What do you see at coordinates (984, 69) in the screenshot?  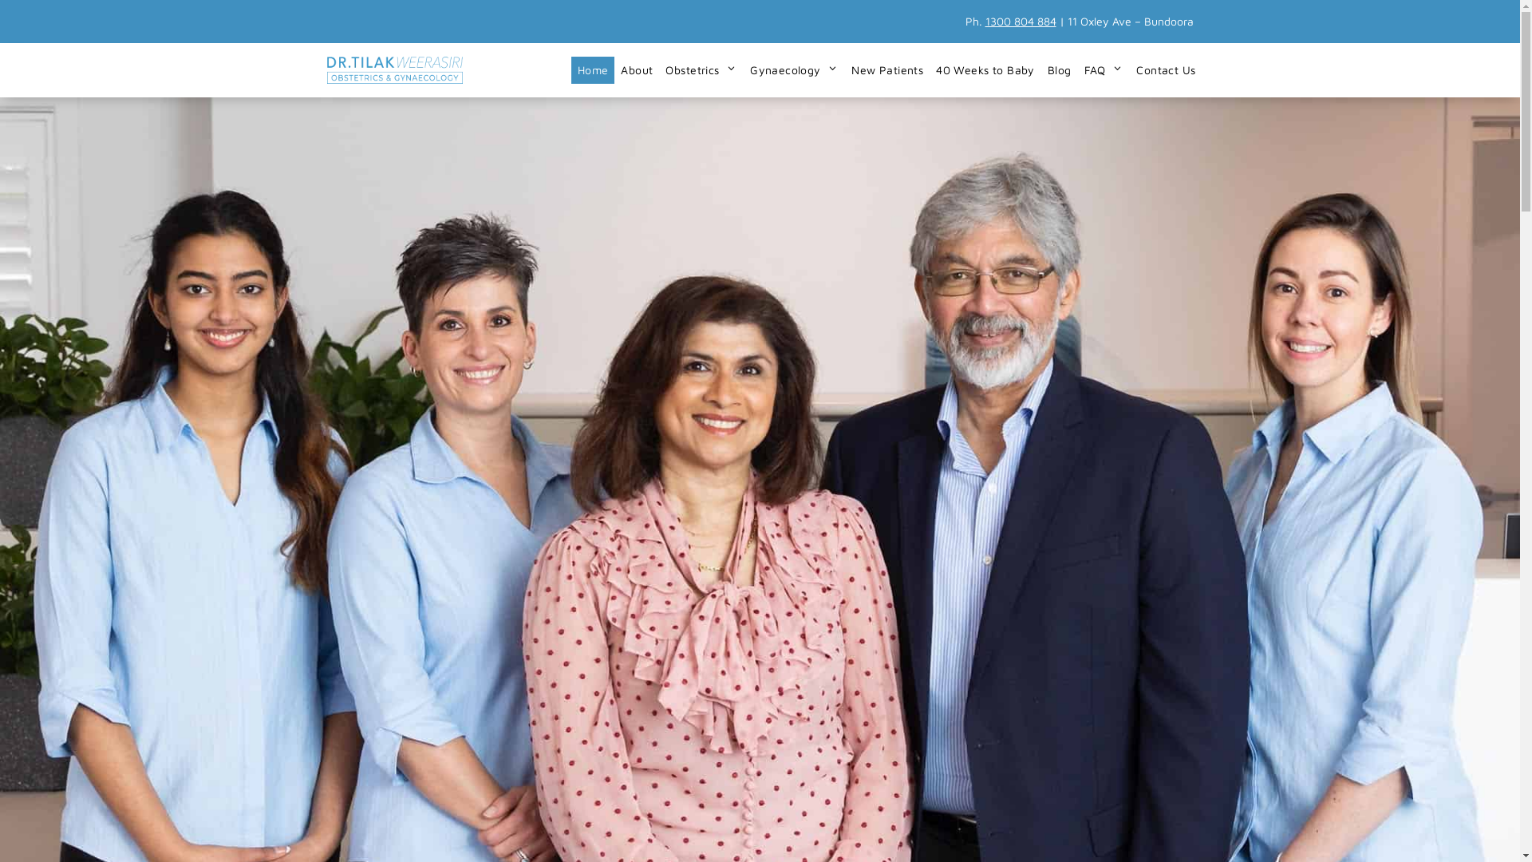 I see `'40 Weeks to Baby'` at bounding box center [984, 69].